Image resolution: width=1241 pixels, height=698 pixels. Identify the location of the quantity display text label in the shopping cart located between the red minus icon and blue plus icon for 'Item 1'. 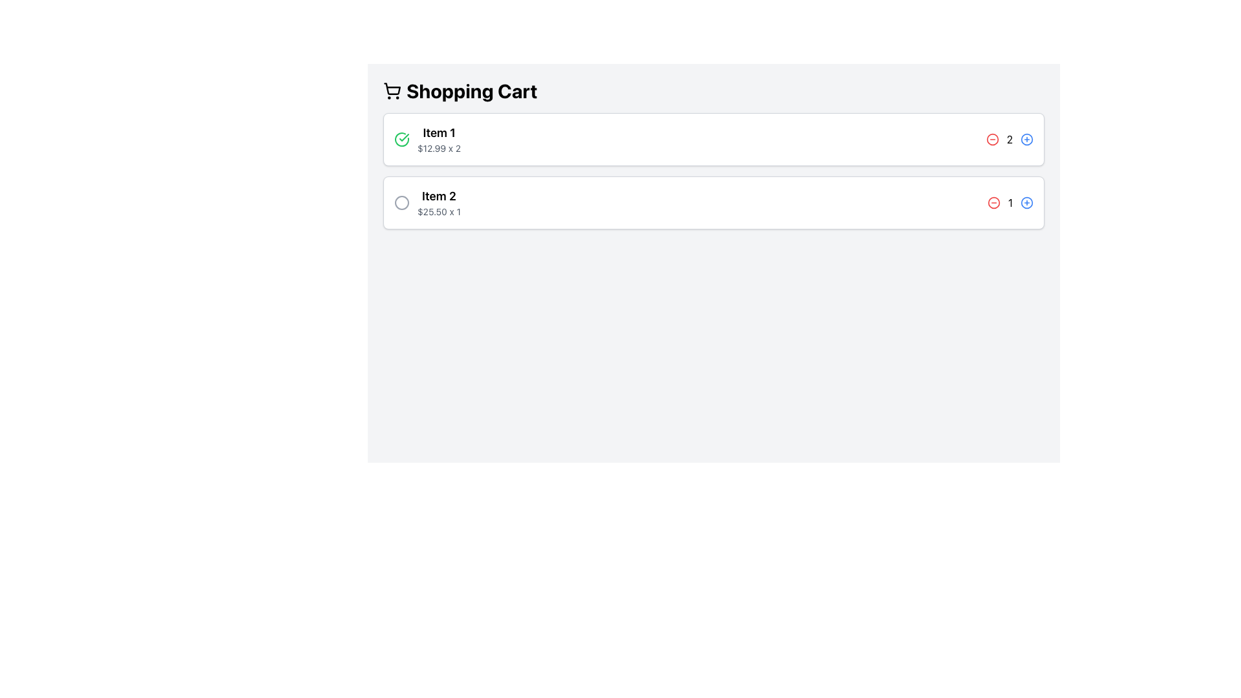
(1009, 140).